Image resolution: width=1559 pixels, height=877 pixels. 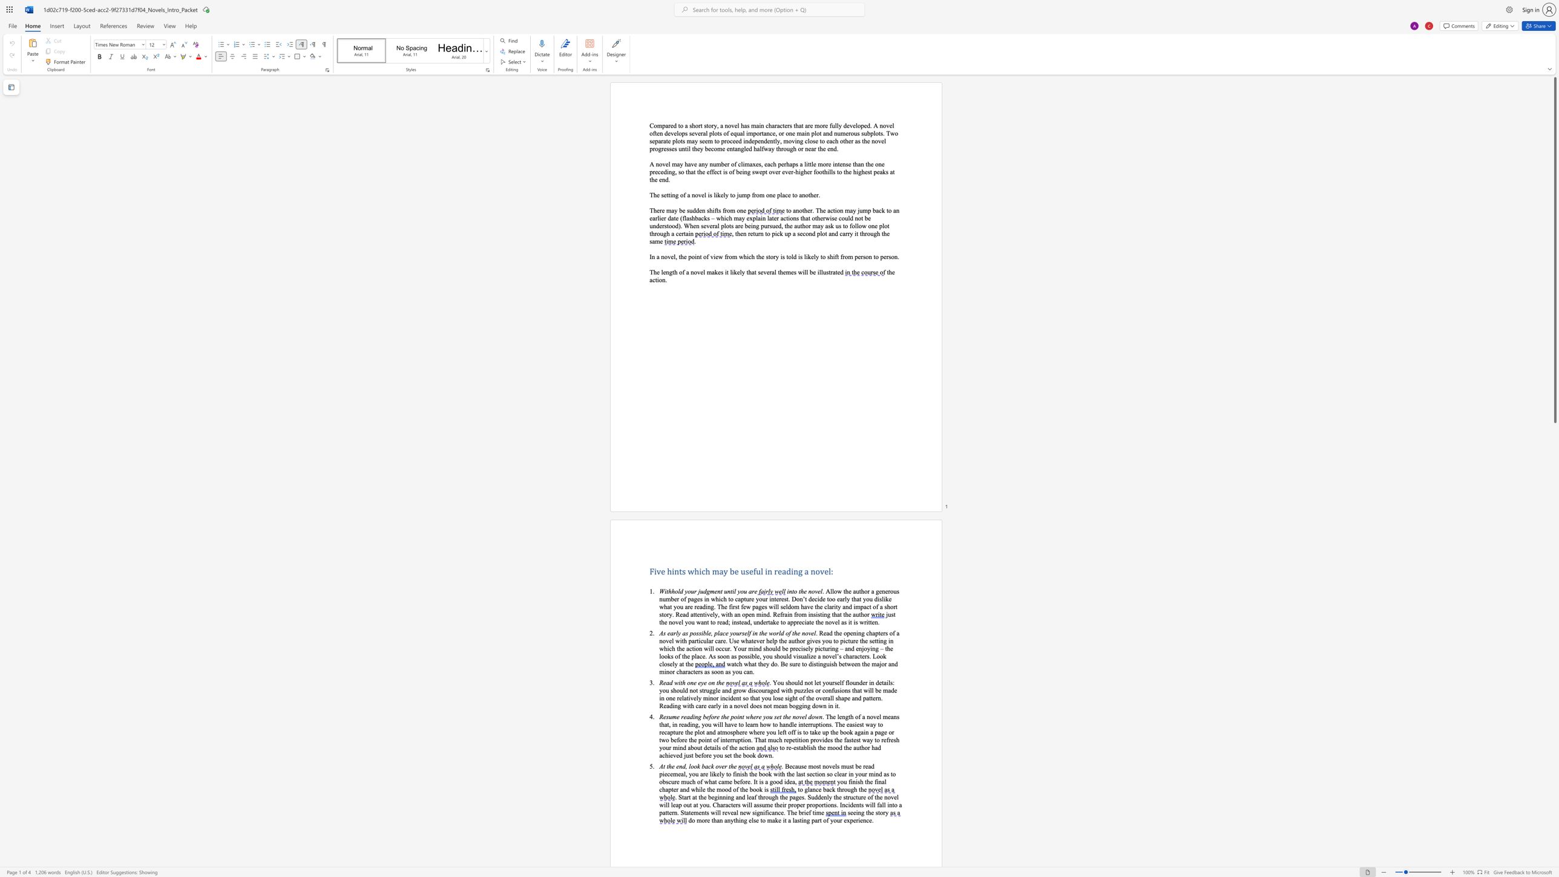 What do you see at coordinates (804, 812) in the screenshot?
I see `the space between the continuous character "r" and "i" in the text` at bounding box center [804, 812].